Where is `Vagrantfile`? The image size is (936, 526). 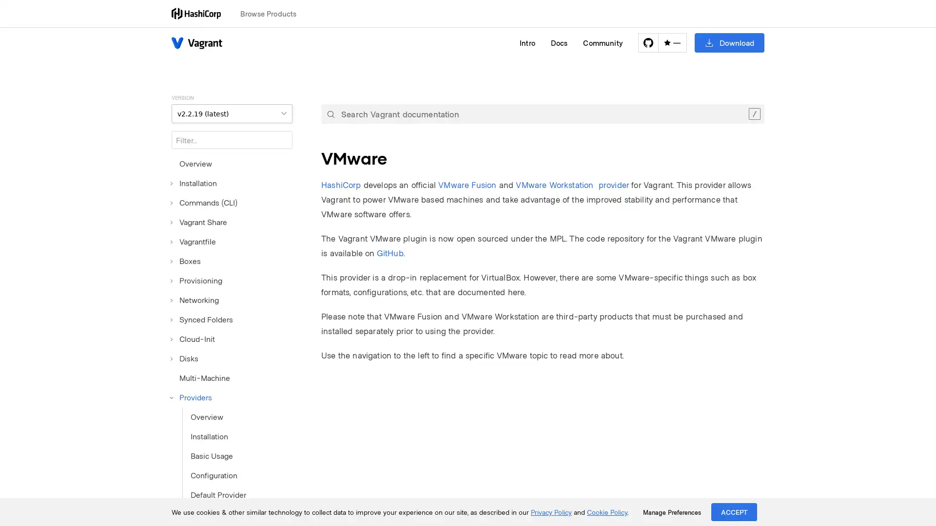 Vagrantfile is located at coordinates (194, 241).